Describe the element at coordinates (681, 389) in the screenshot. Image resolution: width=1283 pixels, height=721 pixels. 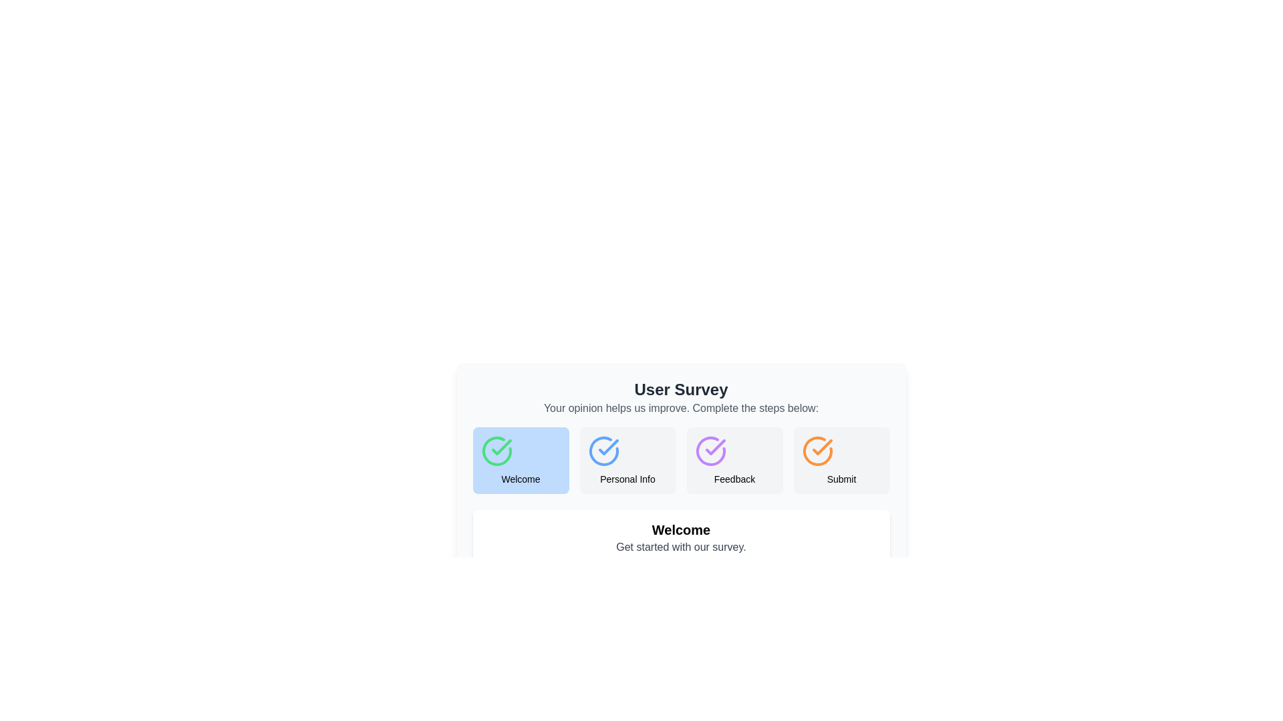
I see `content displayed in the bold and large heading 'User Survey', which is prominently styled and located at the top of its section` at that location.